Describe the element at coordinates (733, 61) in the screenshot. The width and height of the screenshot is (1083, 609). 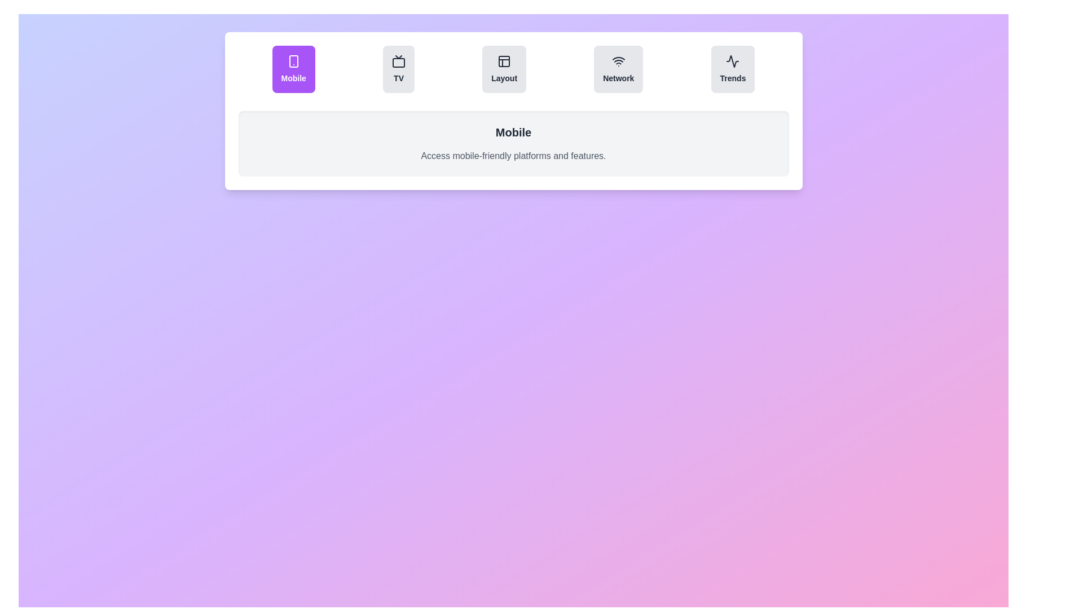
I see `the small graphical icon in the 'Trends' box, which resembles a line chart or activity signal` at that location.